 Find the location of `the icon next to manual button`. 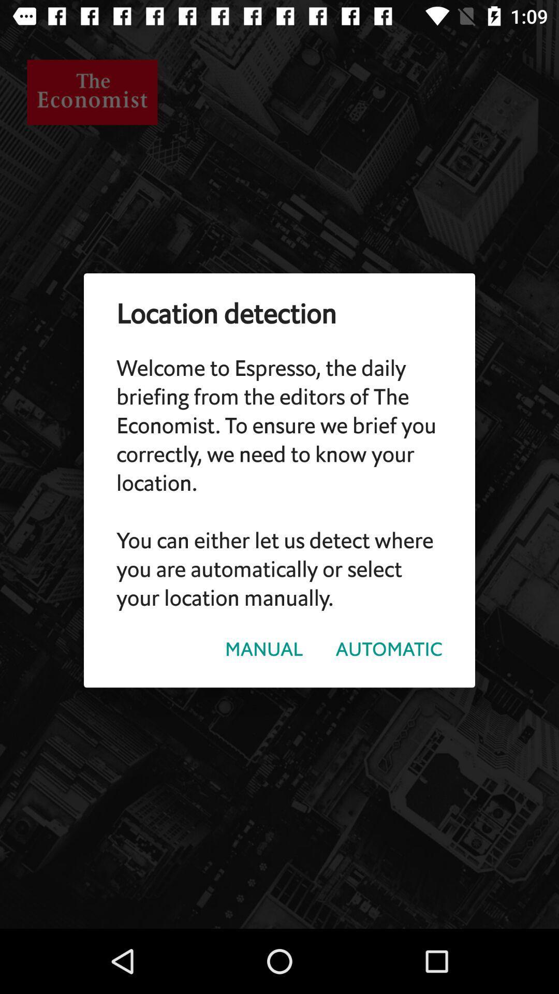

the icon next to manual button is located at coordinates (389, 649).